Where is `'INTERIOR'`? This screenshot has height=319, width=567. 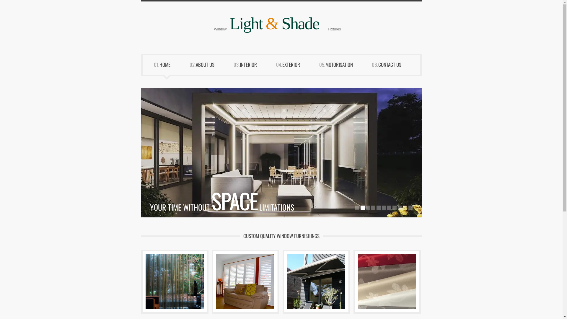
'INTERIOR' is located at coordinates (252, 67).